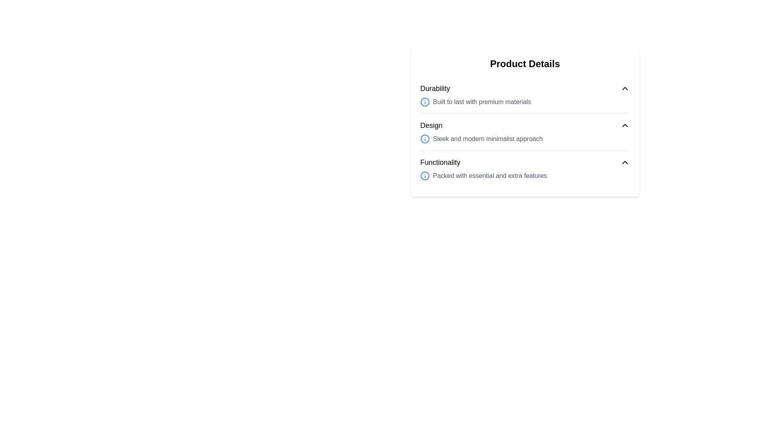 The height and width of the screenshot is (429, 762). I want to click on the blue circular information icon located in the third row of the 'Functionality' section, aligned to the left of the text 'Packed with essential and extra features.', so click(424, 176).